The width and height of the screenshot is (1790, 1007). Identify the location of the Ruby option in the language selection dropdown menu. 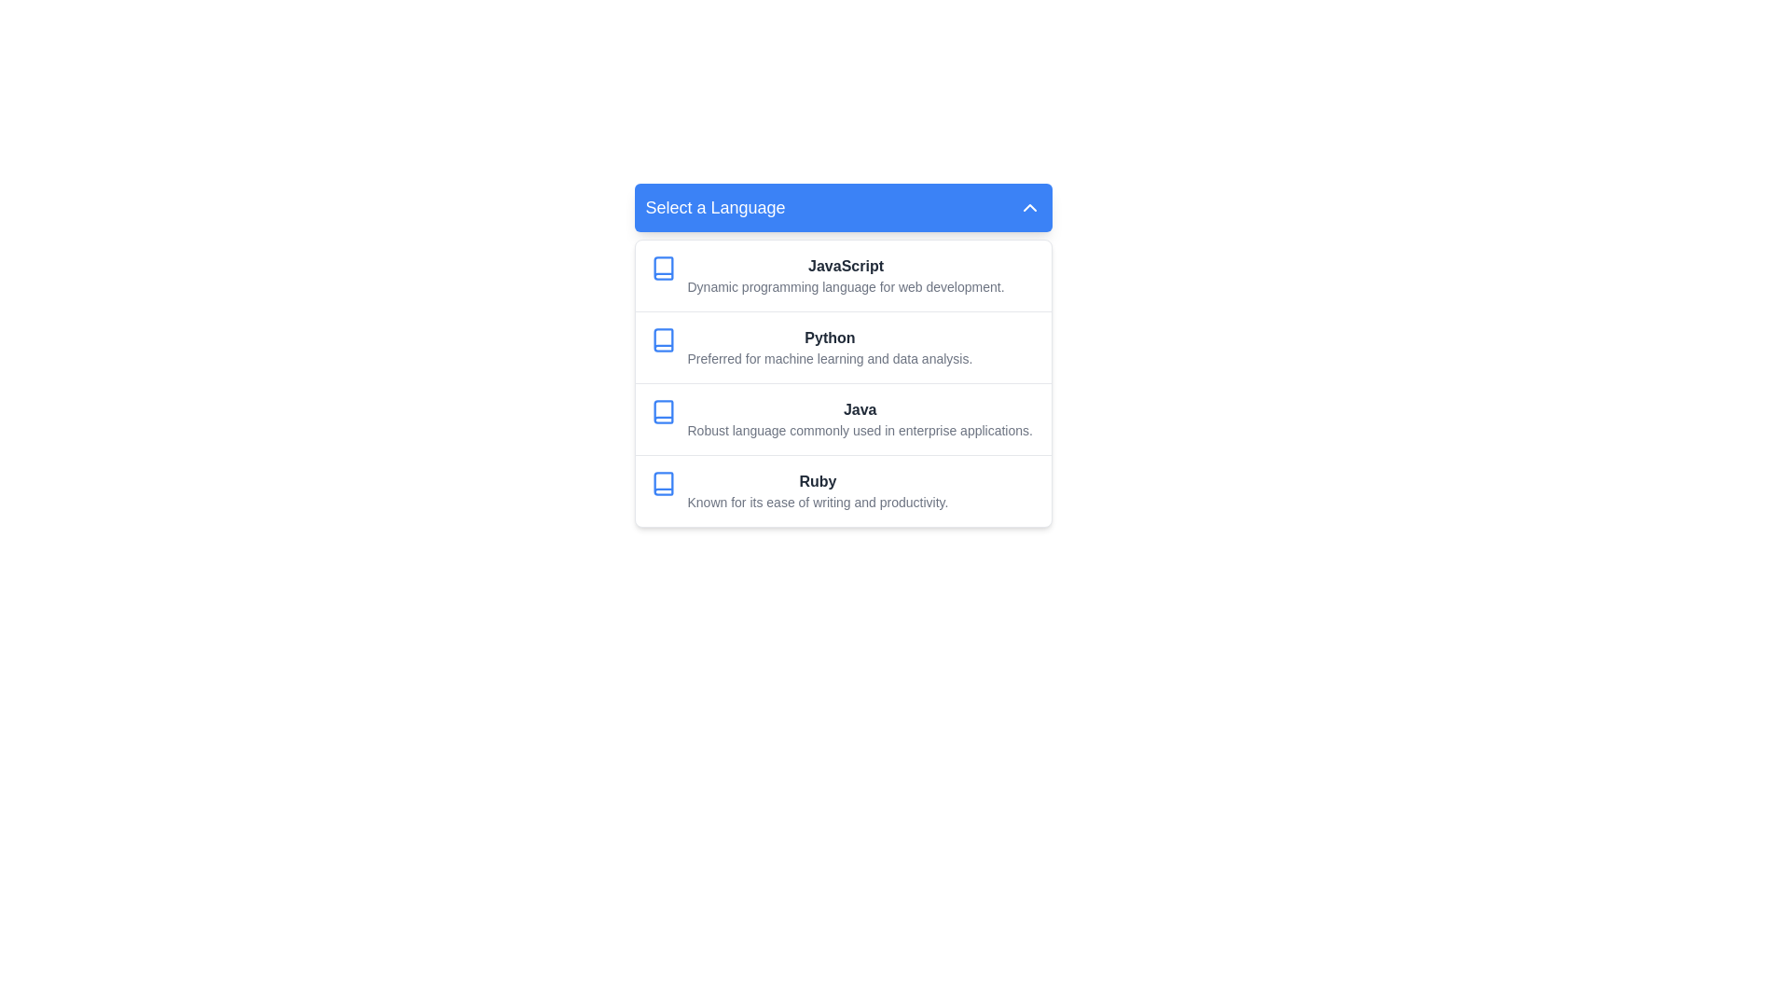
(818, 490).